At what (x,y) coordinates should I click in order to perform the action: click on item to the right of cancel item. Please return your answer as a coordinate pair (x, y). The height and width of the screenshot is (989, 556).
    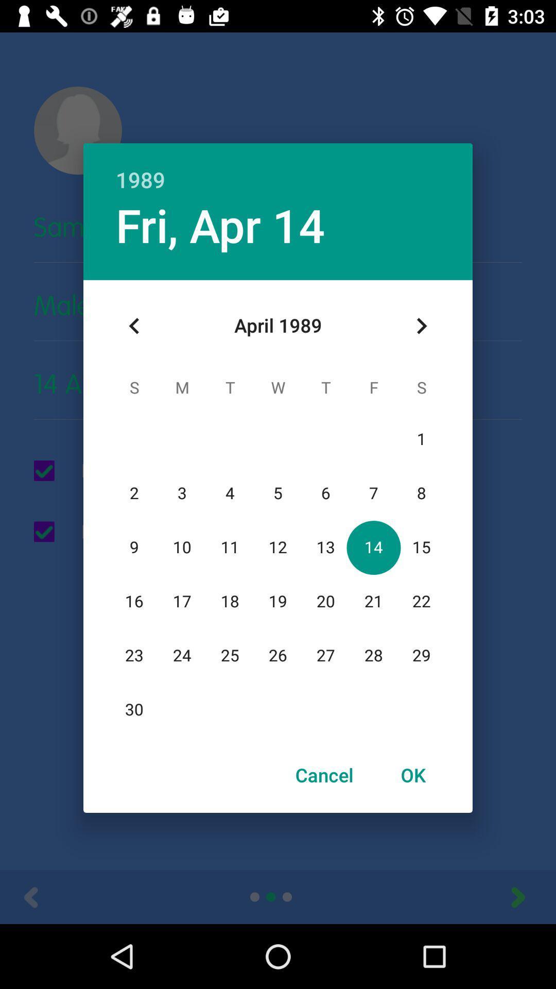
    Looking at the image, I should click on (412, 775).